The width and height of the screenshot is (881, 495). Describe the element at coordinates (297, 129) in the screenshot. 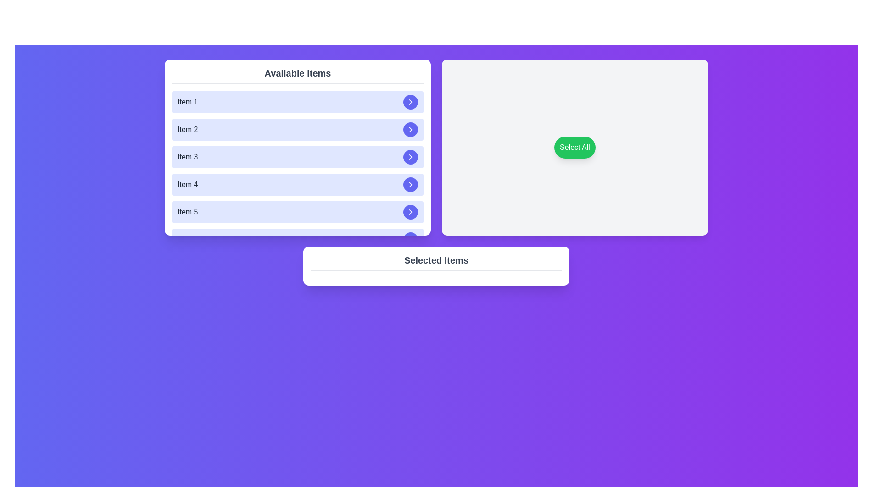

I see `the second list item labeled 'Item 2' with a light blue background and a purple button` at that location.